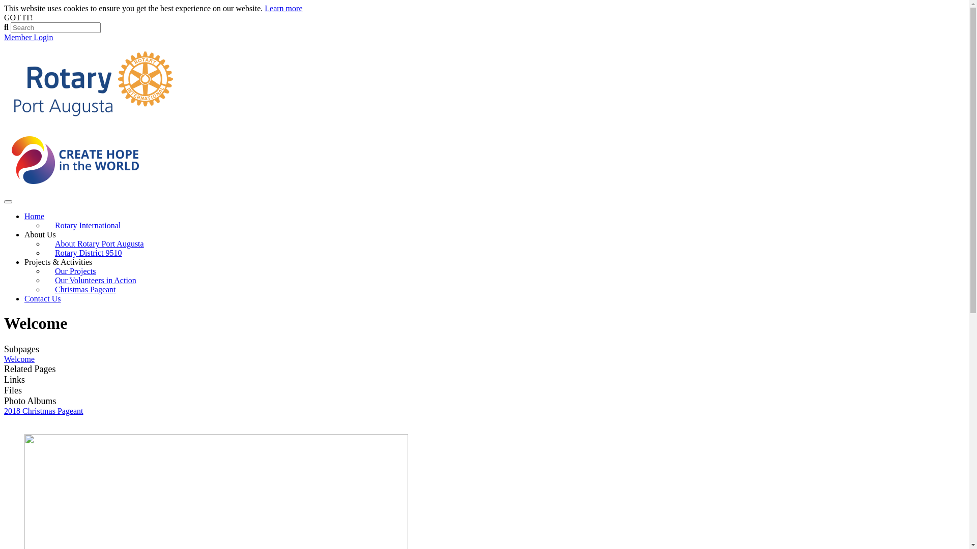 This screenshot has width=977, height=549. Describe the element at coordinates (44, 280) in the screenshot. I see `'Our Volunteers in Action'` at that location.